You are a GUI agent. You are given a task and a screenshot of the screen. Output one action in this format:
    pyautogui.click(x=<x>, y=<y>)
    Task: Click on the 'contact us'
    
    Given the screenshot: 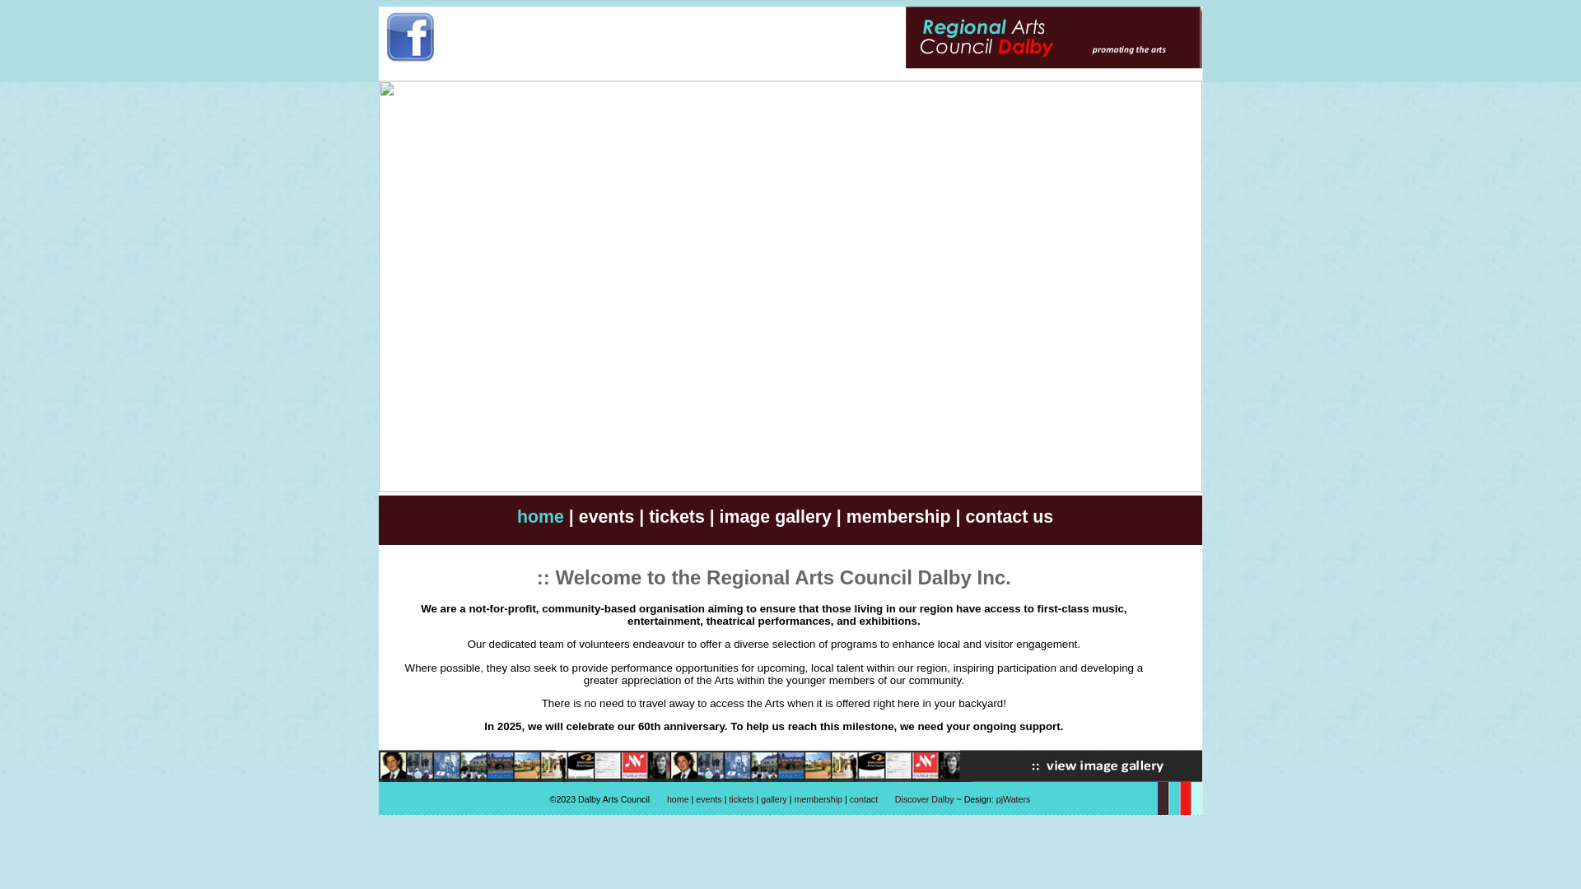 What is the action you would take?
    pyautogui.click(x=1008, y=516)
    